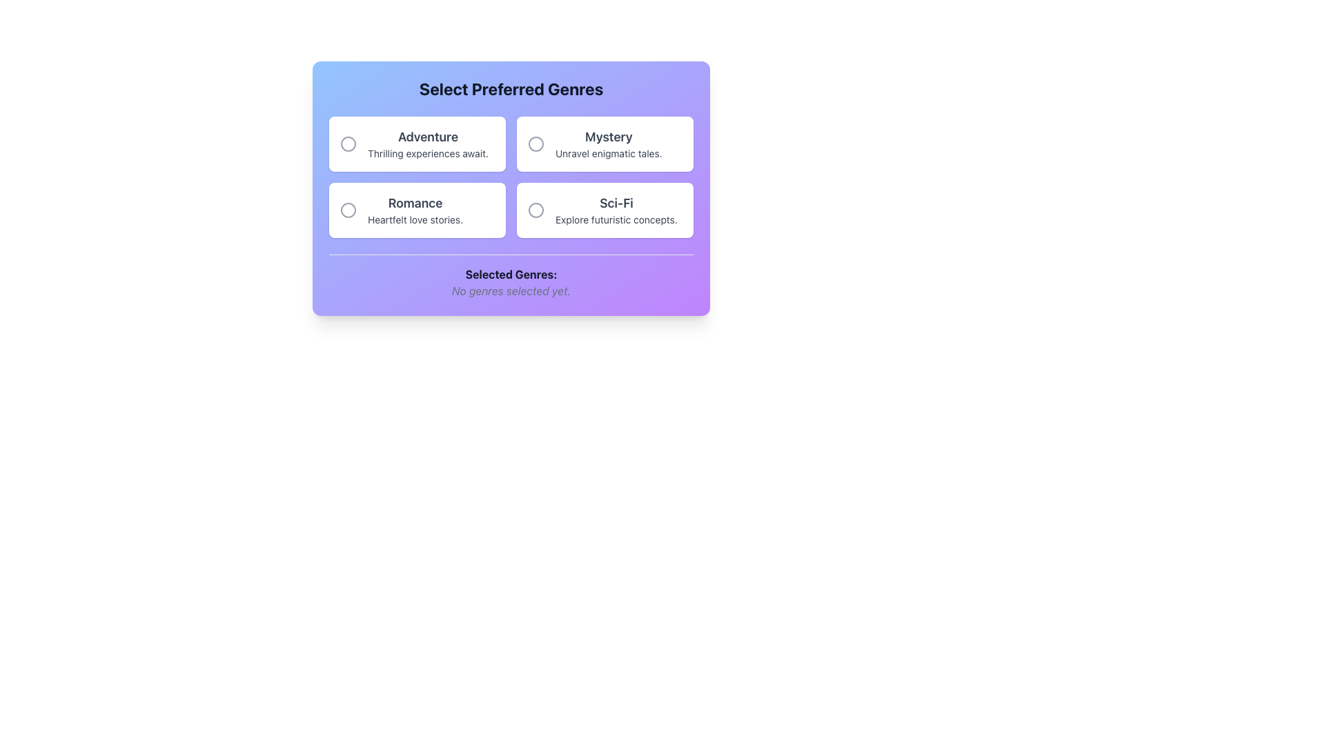 The height and width of the screenshot is (745, 1325). I want to click on bold text label that says 'Selected Genres:' located in the lower part of the interface above the informational text 'No genres selected yet.', so click(510, 274).